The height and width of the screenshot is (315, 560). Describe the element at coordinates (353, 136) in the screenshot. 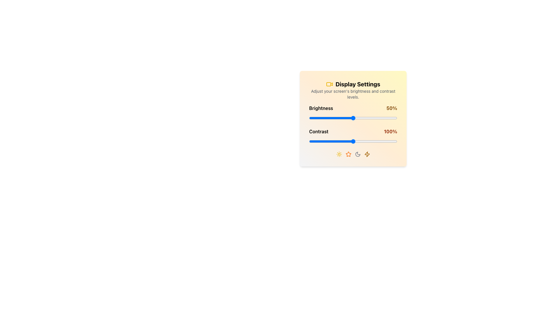

I see `the 'Contrast 100%' label, which is styled with bold font and indicates the contrast level in the 'Display Settings' panel` at that location.